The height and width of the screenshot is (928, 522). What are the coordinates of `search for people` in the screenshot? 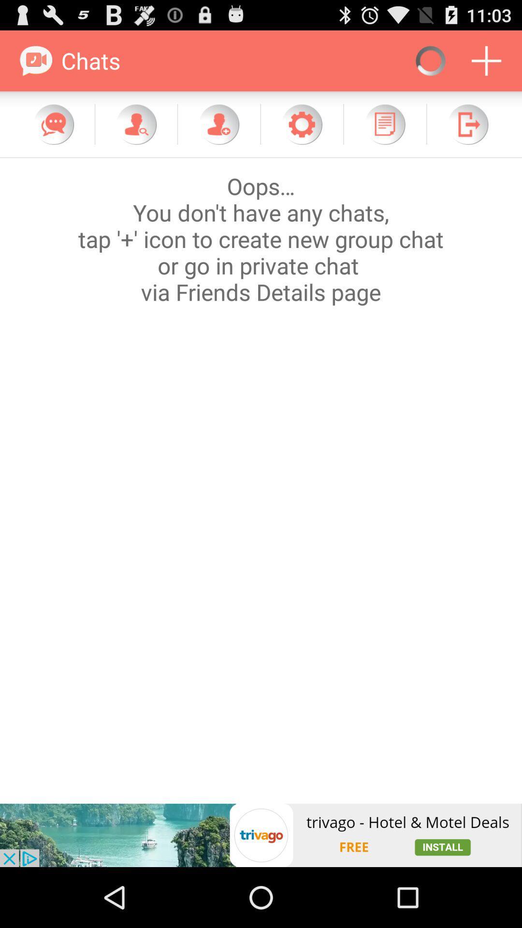 It's located at (136, 124).